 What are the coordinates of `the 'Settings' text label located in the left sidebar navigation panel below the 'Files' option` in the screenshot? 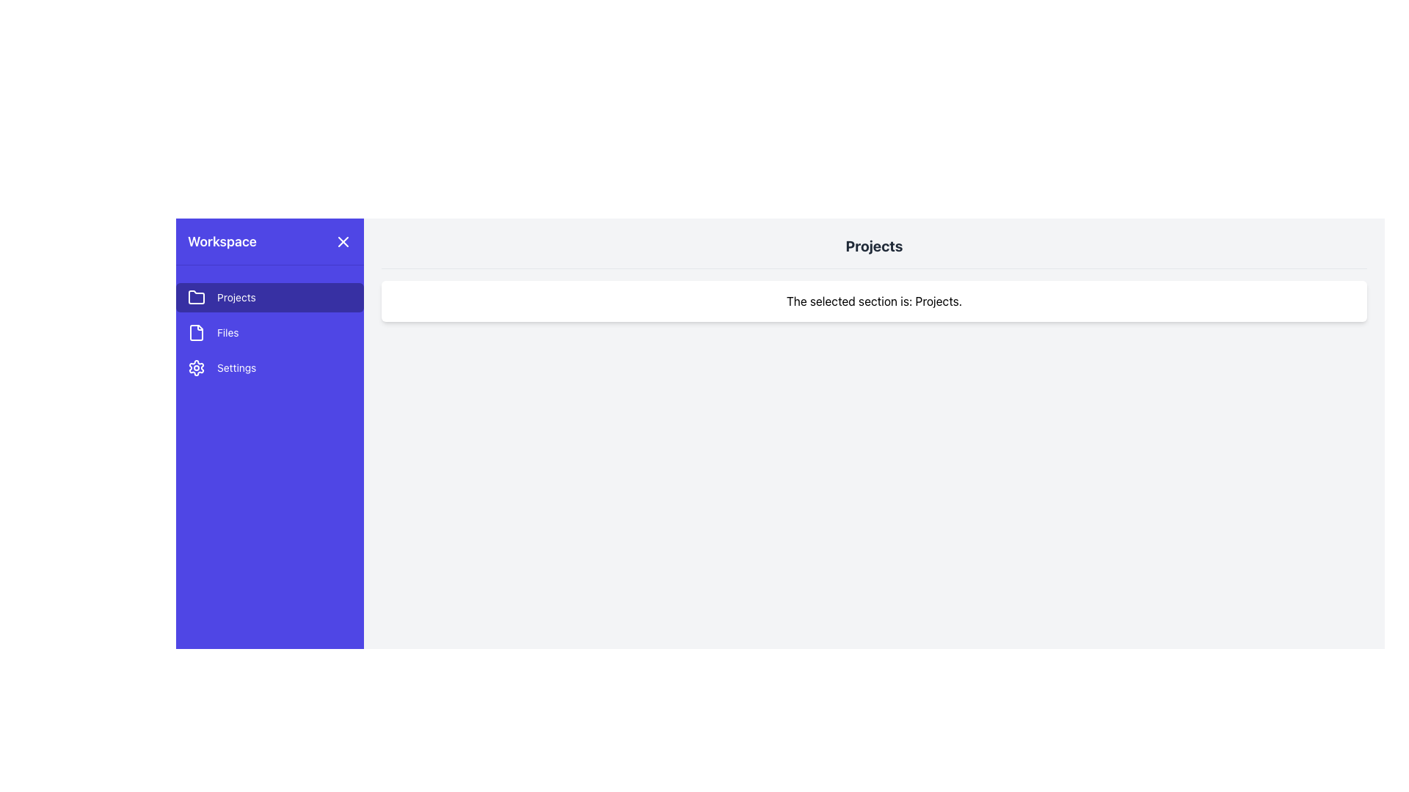 It's located at (236, 367).